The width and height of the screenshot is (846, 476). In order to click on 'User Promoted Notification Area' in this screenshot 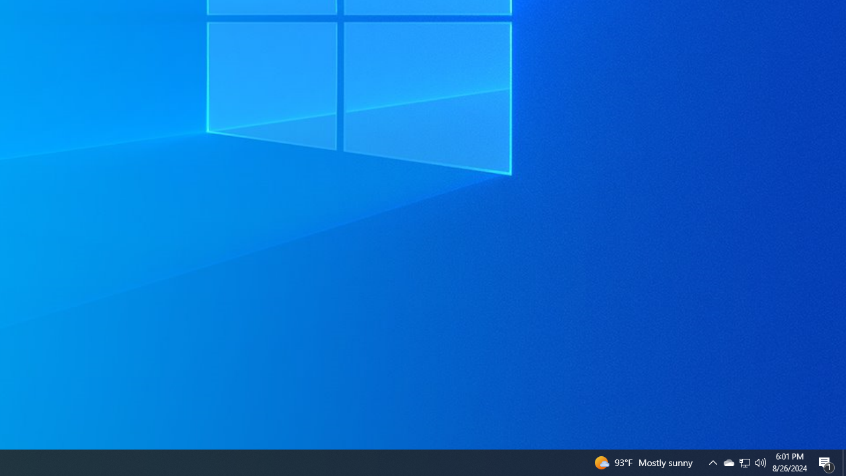, I will do `click(745, 461)`.